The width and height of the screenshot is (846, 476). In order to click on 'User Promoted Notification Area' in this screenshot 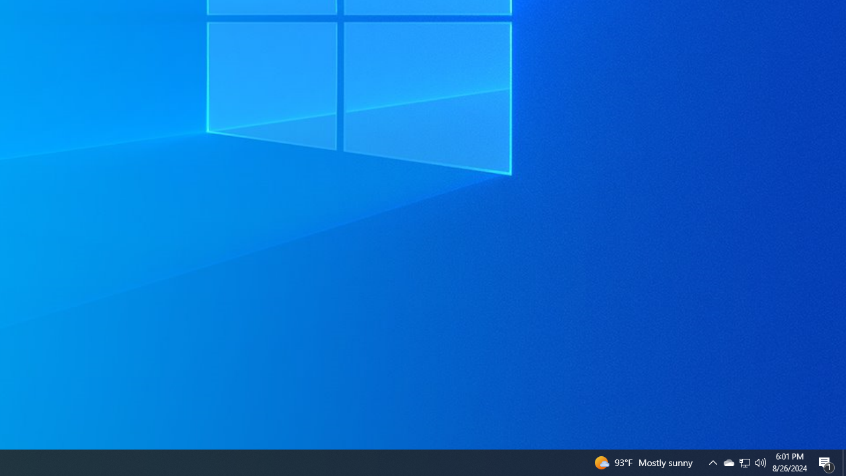, I will do `click(745, 461)`.